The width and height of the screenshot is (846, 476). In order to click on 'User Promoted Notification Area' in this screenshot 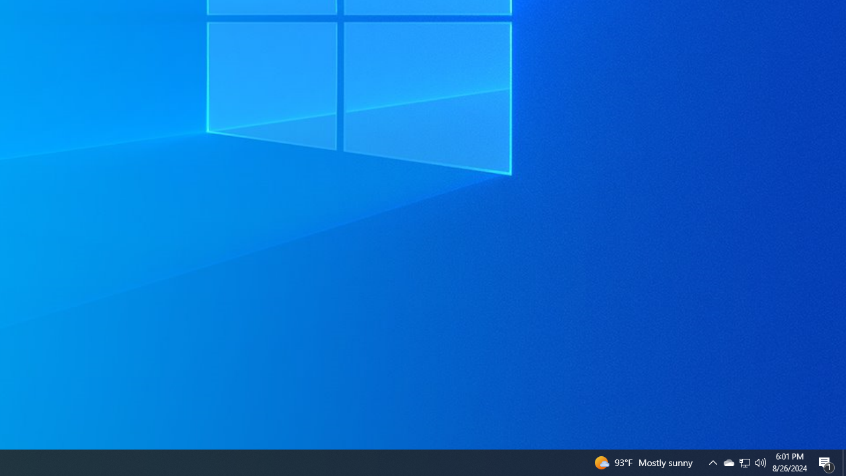, I will do `click(745, 461)`.